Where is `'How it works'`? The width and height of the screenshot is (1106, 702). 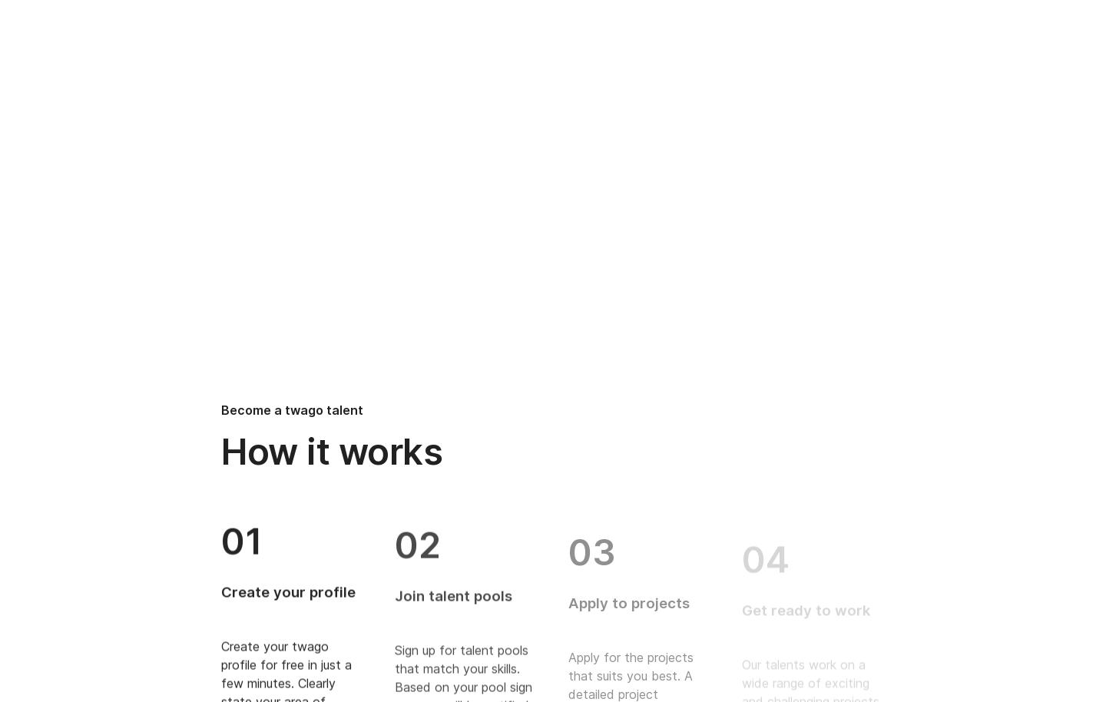
'How it works' is located at coordinates (332, 451).